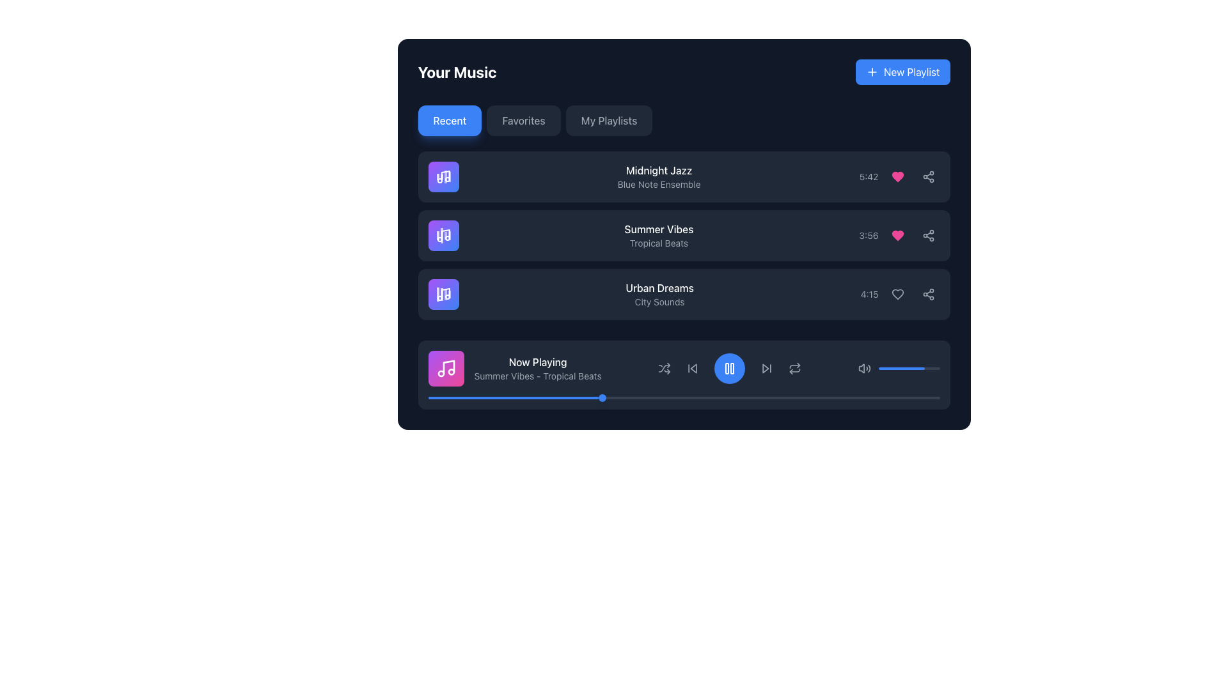 The height and width of the screenshot is (690, 1228). I want to click on progress, so click(653, 397).